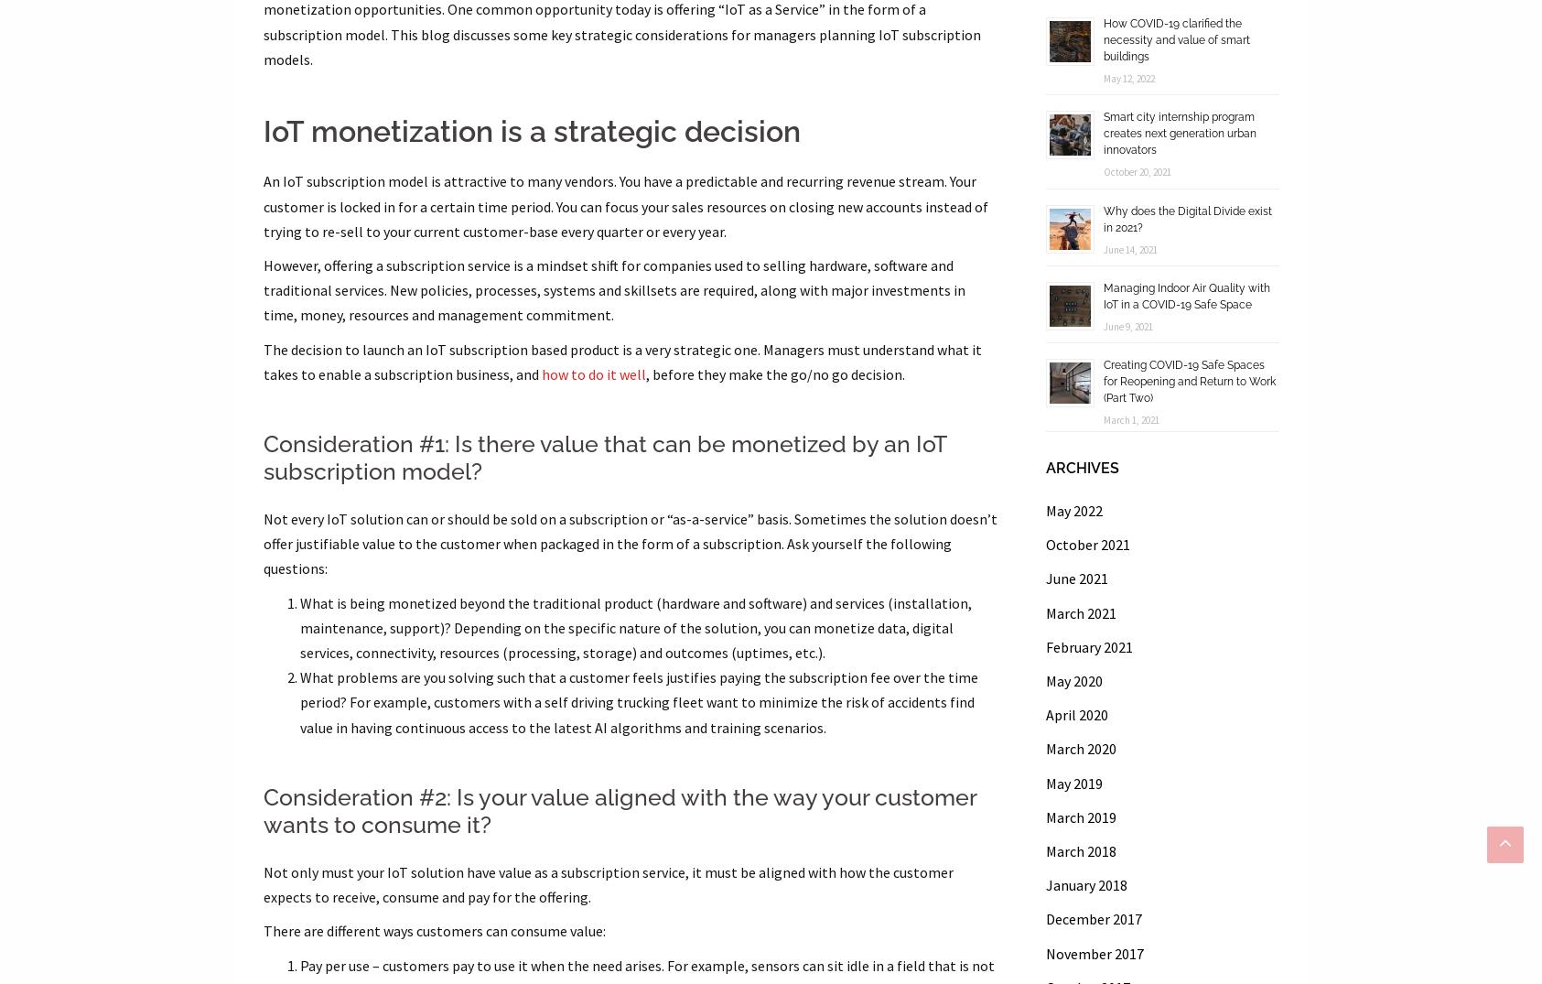 The image size is (1542, 984). Describe the element at coordinates (1102, 326) in the screenshot. I see `'June 9, 2021'` at that location.